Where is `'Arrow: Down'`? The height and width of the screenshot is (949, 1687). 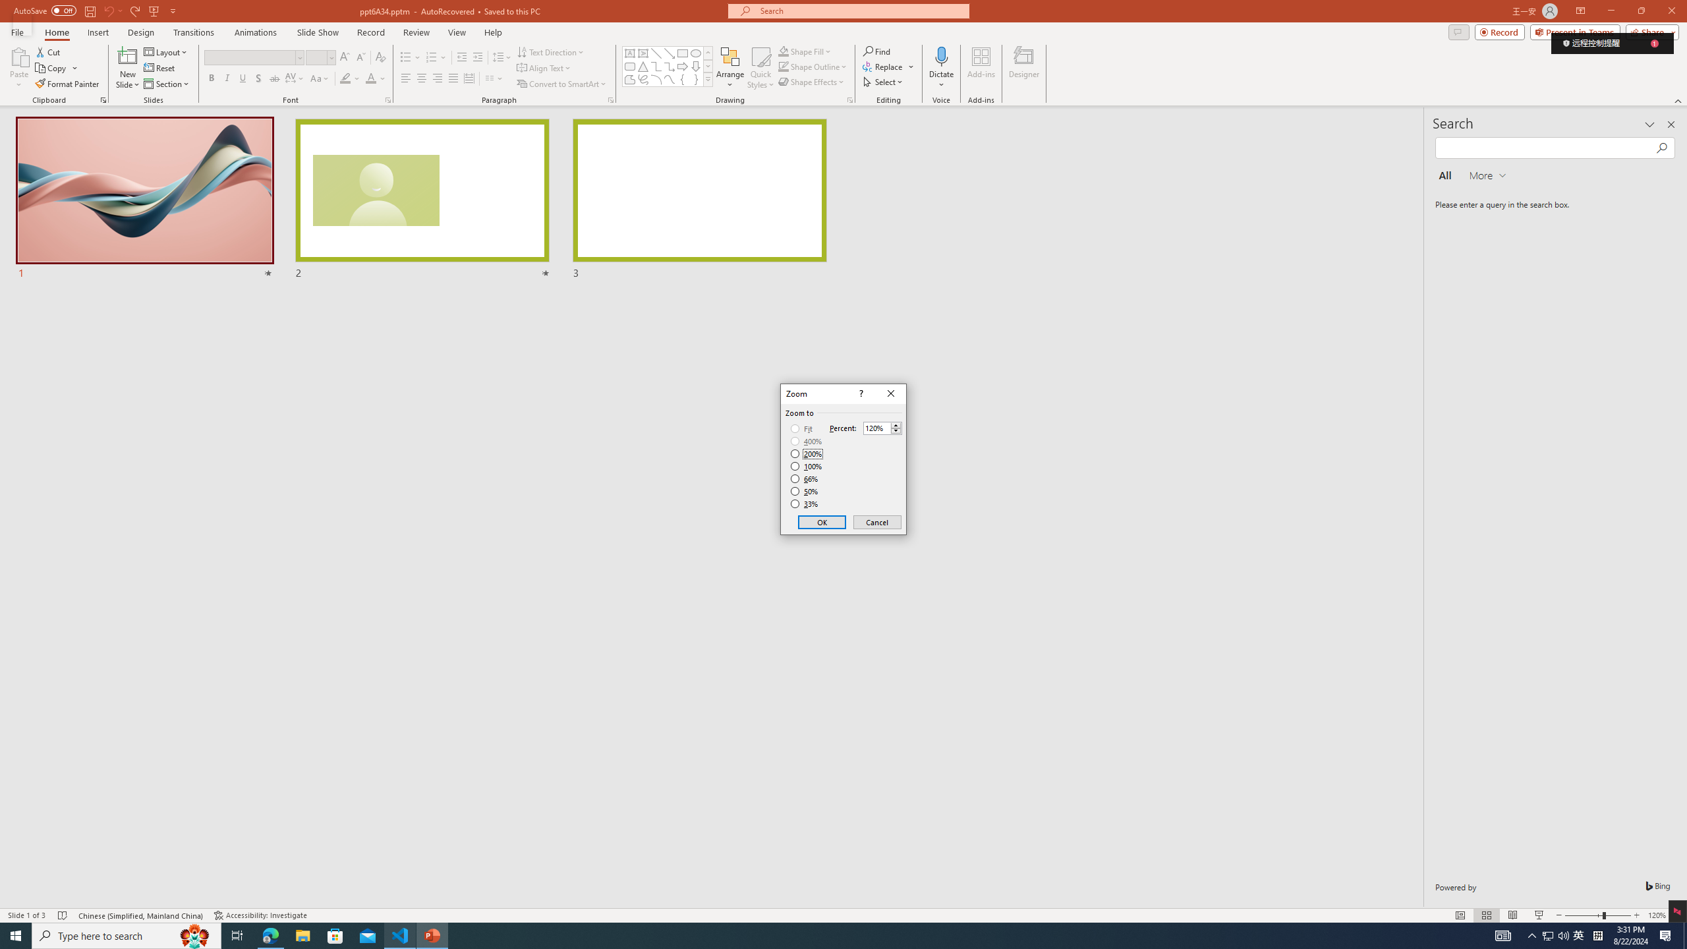 'Arrow: Down' is located at coordinates (695, 65).